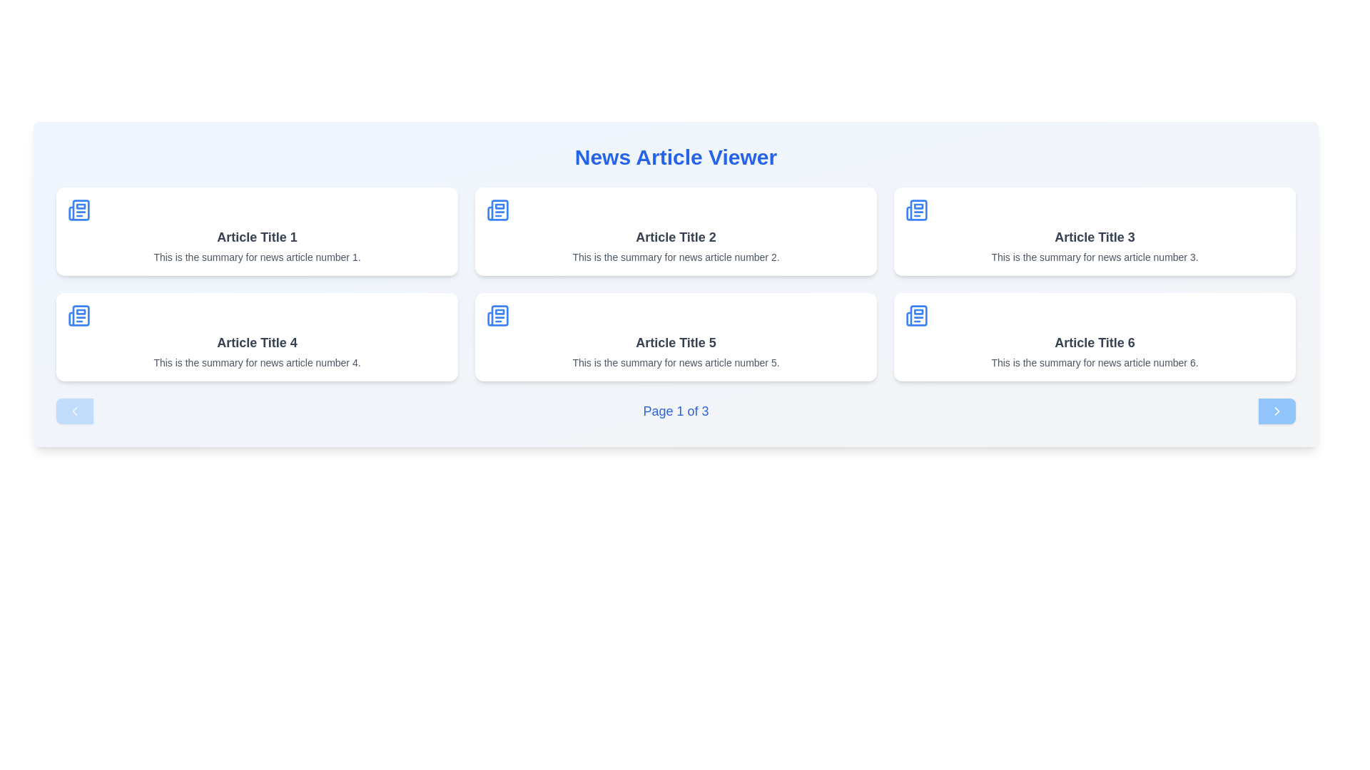 This screenshot has width=1370, height=770. What do you see at coordinates (675, 411) in the screenshot?
I see `the pagination indicator text label located in the footer area of the news article viewer, which displays the current page and total pages` at bounding box center [675, 411].